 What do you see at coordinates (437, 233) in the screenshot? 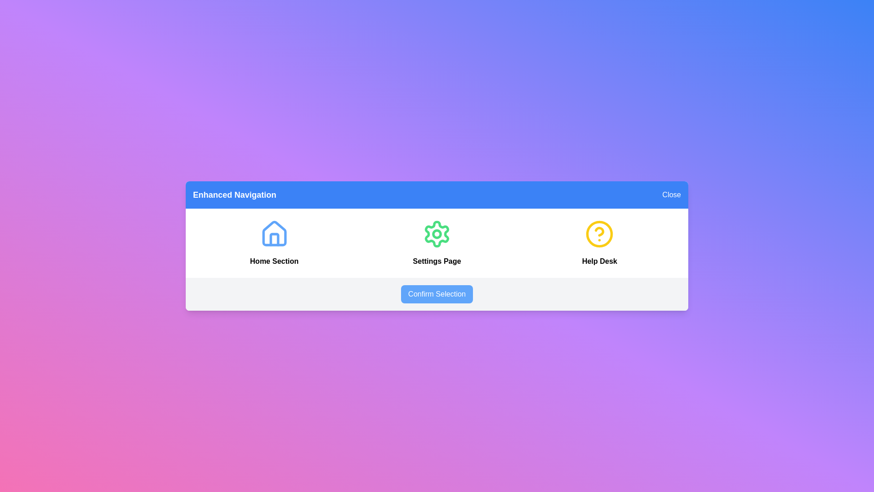
I see `the 'Settings Page' icon to access the settings feature` at bounding box center [437, 233].